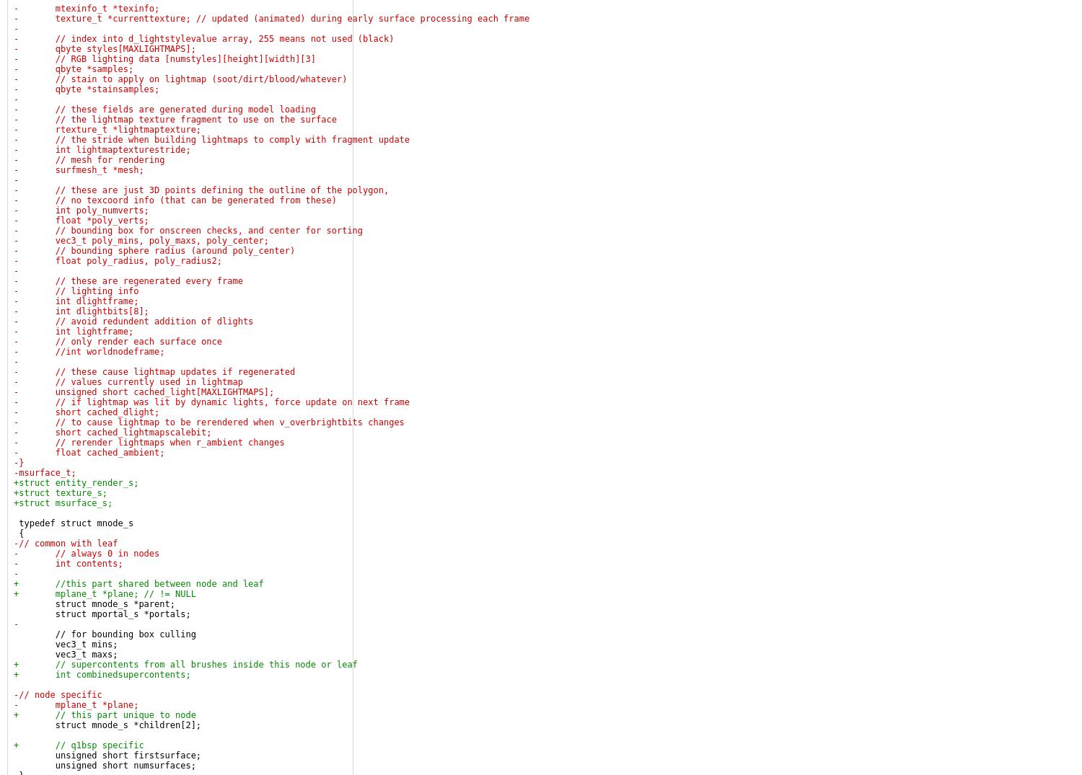  I want to click on '+       // this part unique to node', so click(105, 714).